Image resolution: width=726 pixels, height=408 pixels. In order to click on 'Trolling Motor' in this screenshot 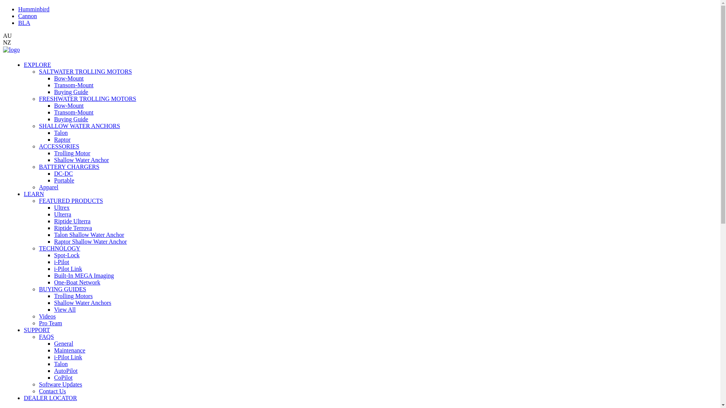, I will do `click(72, 153)`.